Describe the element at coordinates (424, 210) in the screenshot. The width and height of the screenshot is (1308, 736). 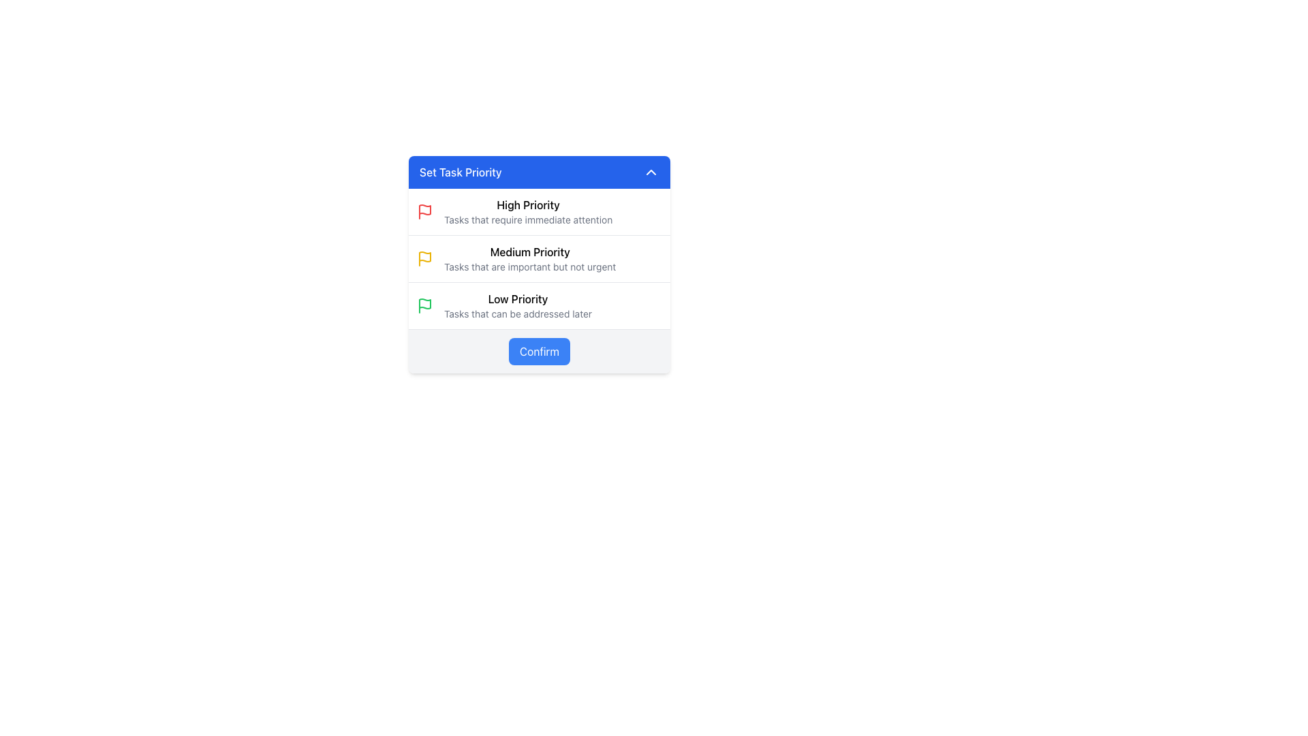
I see `the red flag-shaped icon located to the left of the 'High Priority' text label in the 'Set Task Priority' modal dialog` at that location.